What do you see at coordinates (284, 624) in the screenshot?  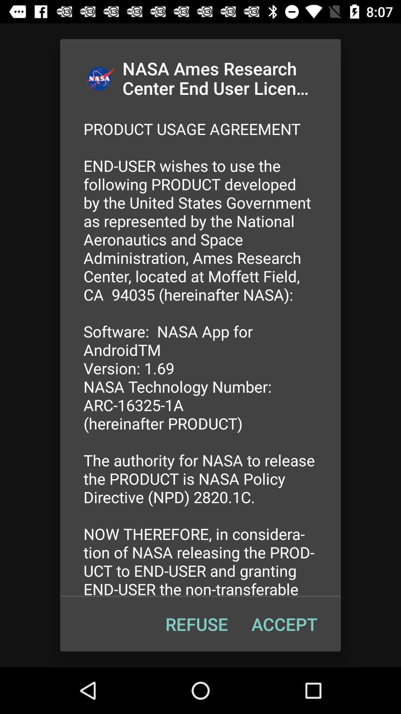 I see `item to the right of the refuse` at bounding box center [284, 624].